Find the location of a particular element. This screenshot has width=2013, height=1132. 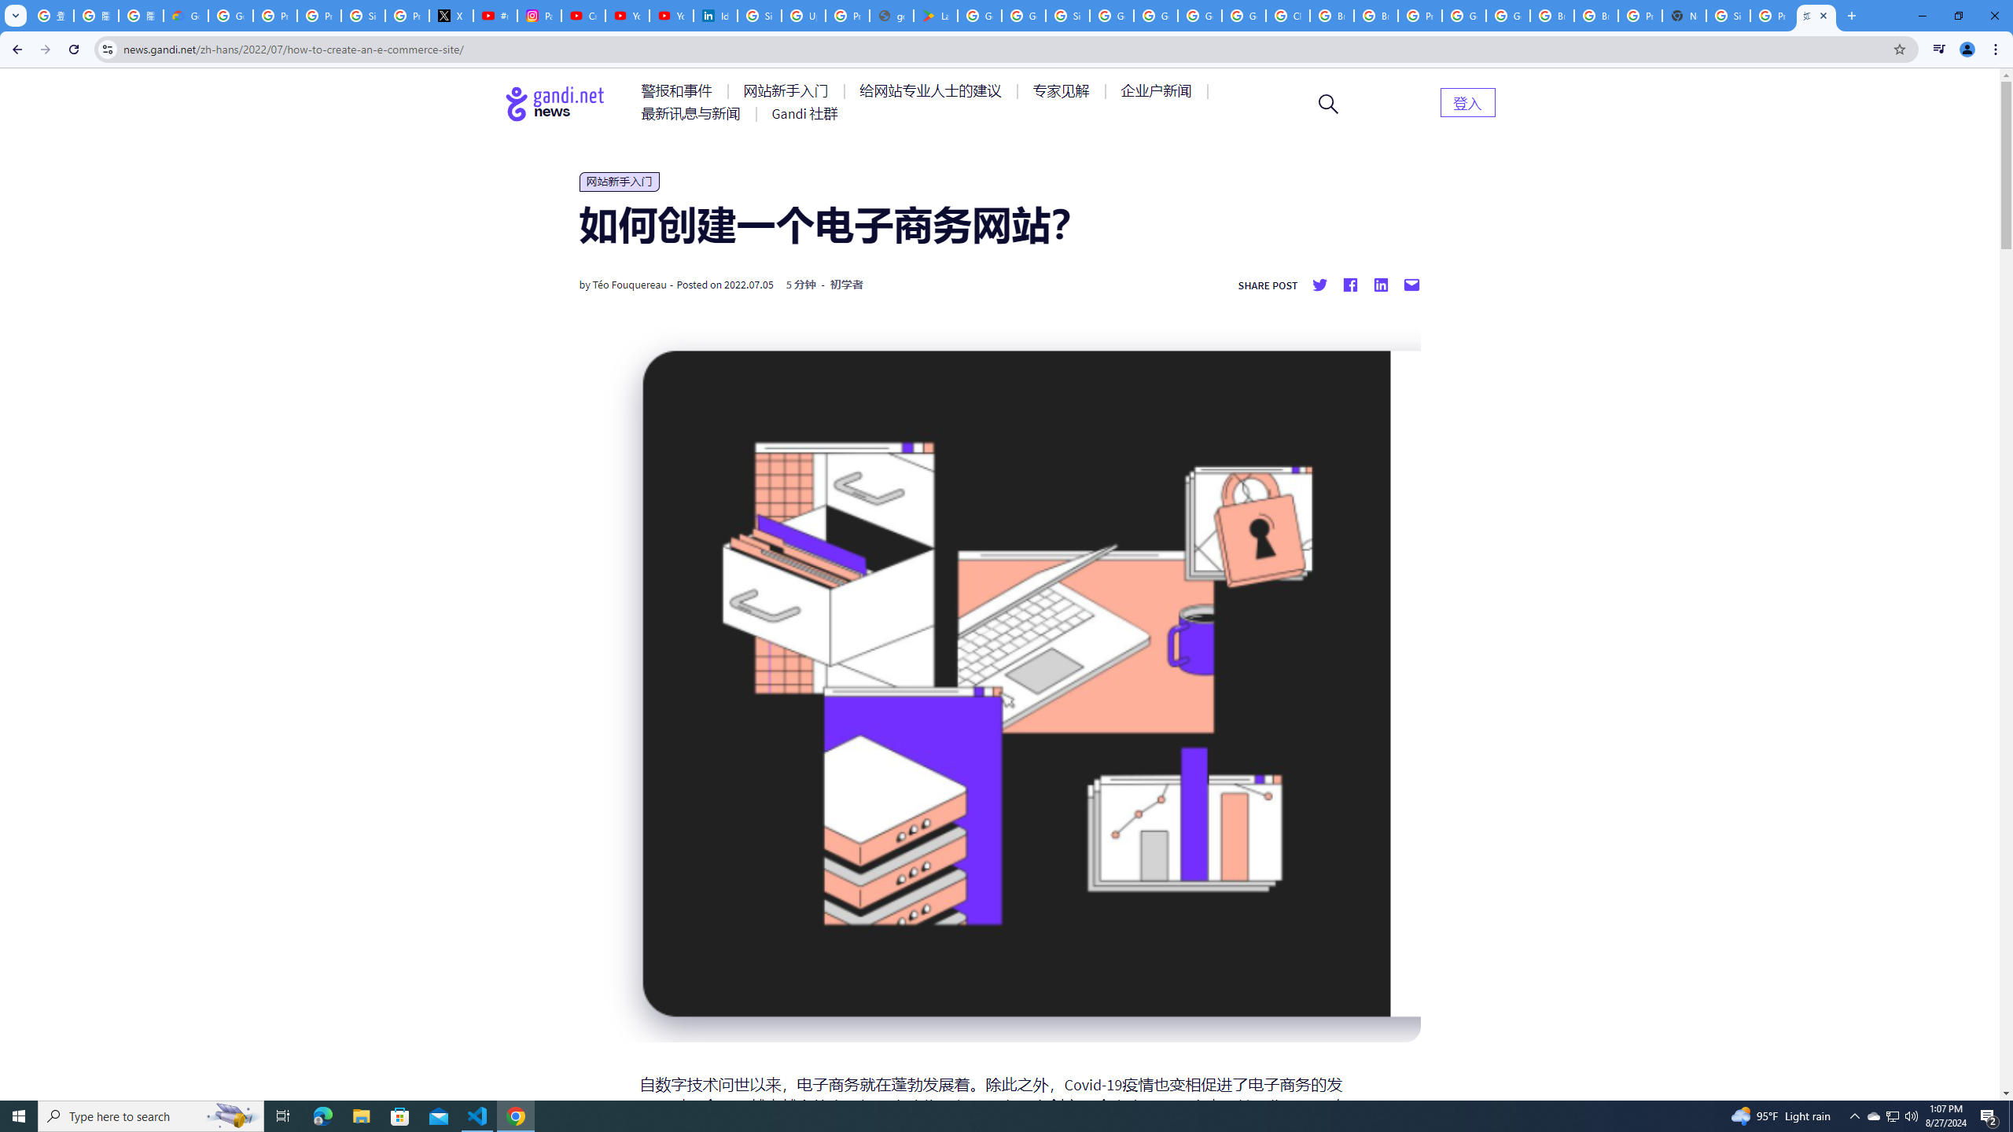

'Privacy Help Center - Policies Help' is located at coordinates (318, 15).